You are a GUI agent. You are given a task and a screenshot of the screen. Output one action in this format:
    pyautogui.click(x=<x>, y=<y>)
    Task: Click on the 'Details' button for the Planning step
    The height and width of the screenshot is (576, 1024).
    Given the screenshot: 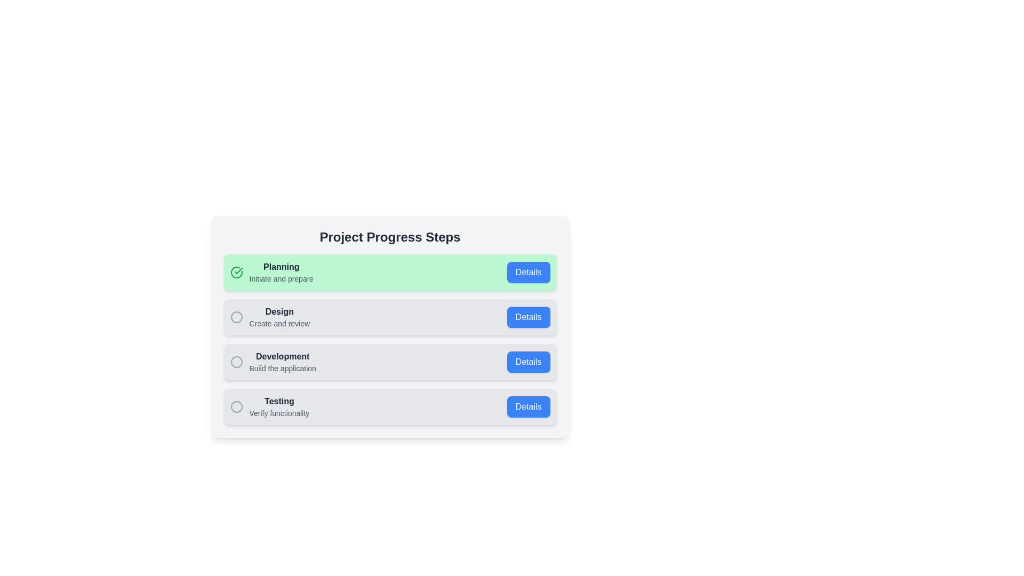 What is the action you would take?
    pyautogui.click(x=528, y=271)
    